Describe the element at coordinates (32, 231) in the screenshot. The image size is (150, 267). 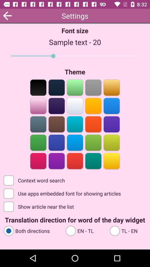
I see `item below translation direction for icon` at that location.